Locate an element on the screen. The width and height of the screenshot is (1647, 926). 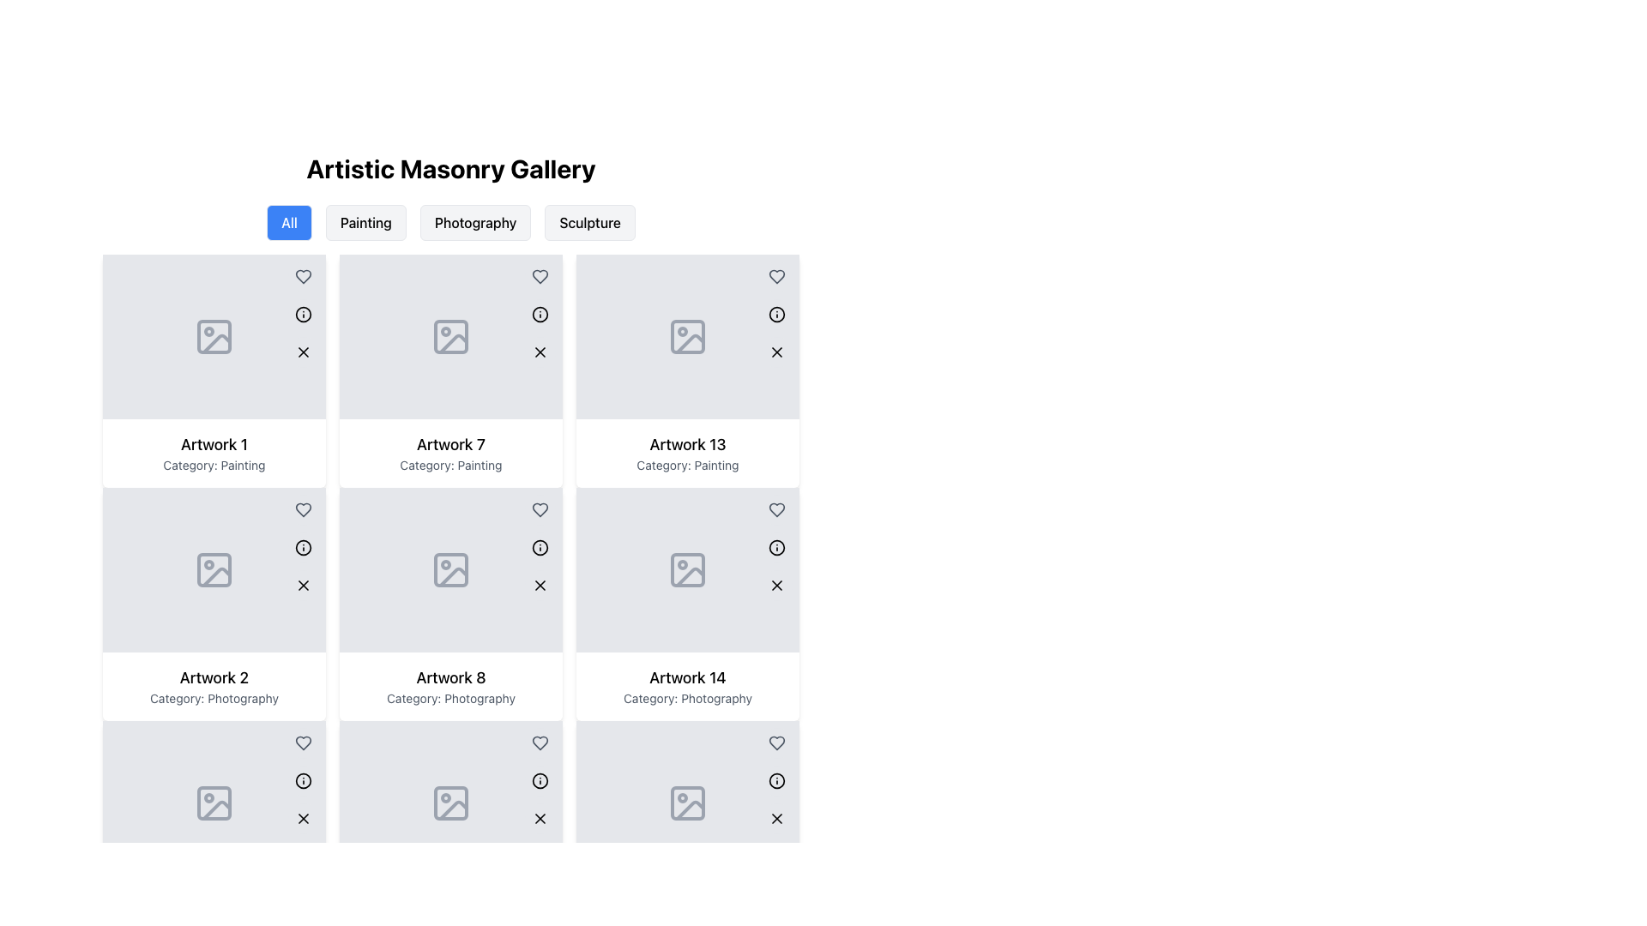
the diagonal vector graphic inside the image placeholder of the 'Artwork 13' card located in the third column and second row of the grid layout is located at coordinates (691, 344).